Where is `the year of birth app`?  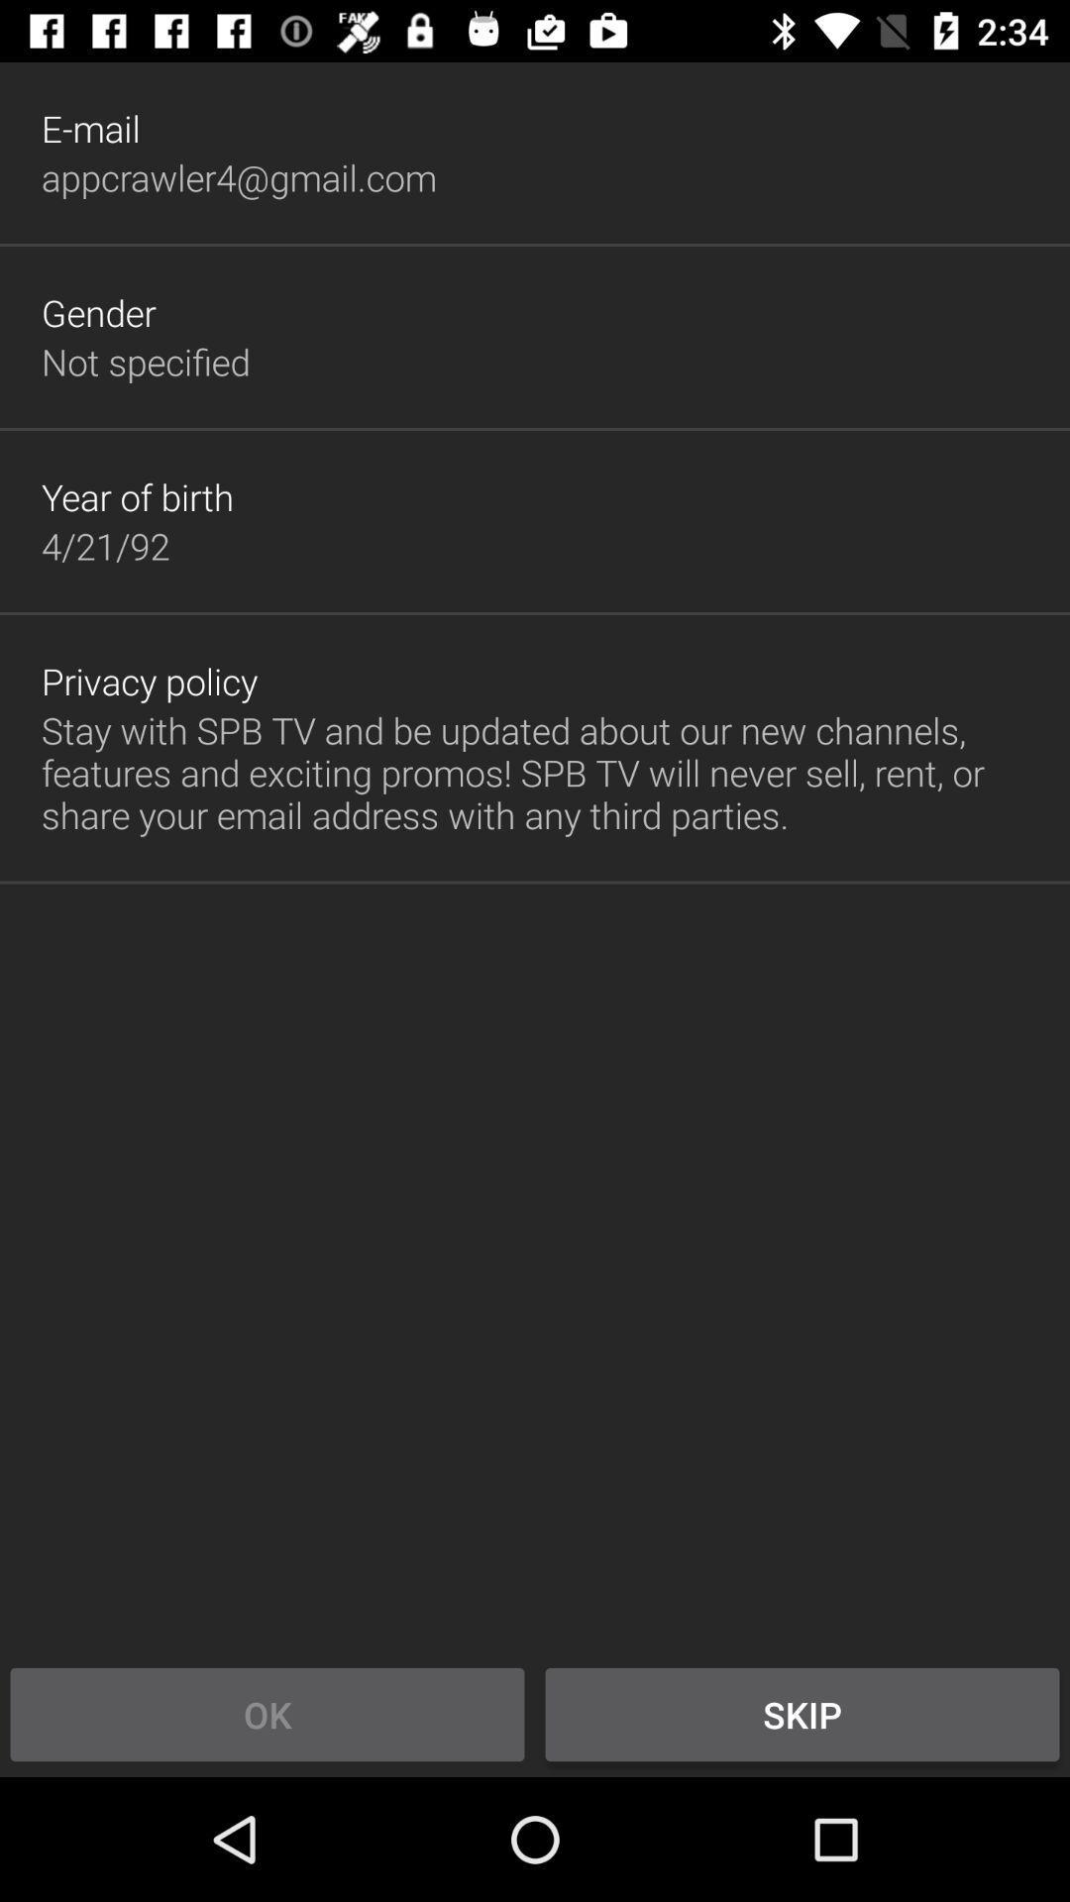 the year of birth app is located at coordinates (137, 496).